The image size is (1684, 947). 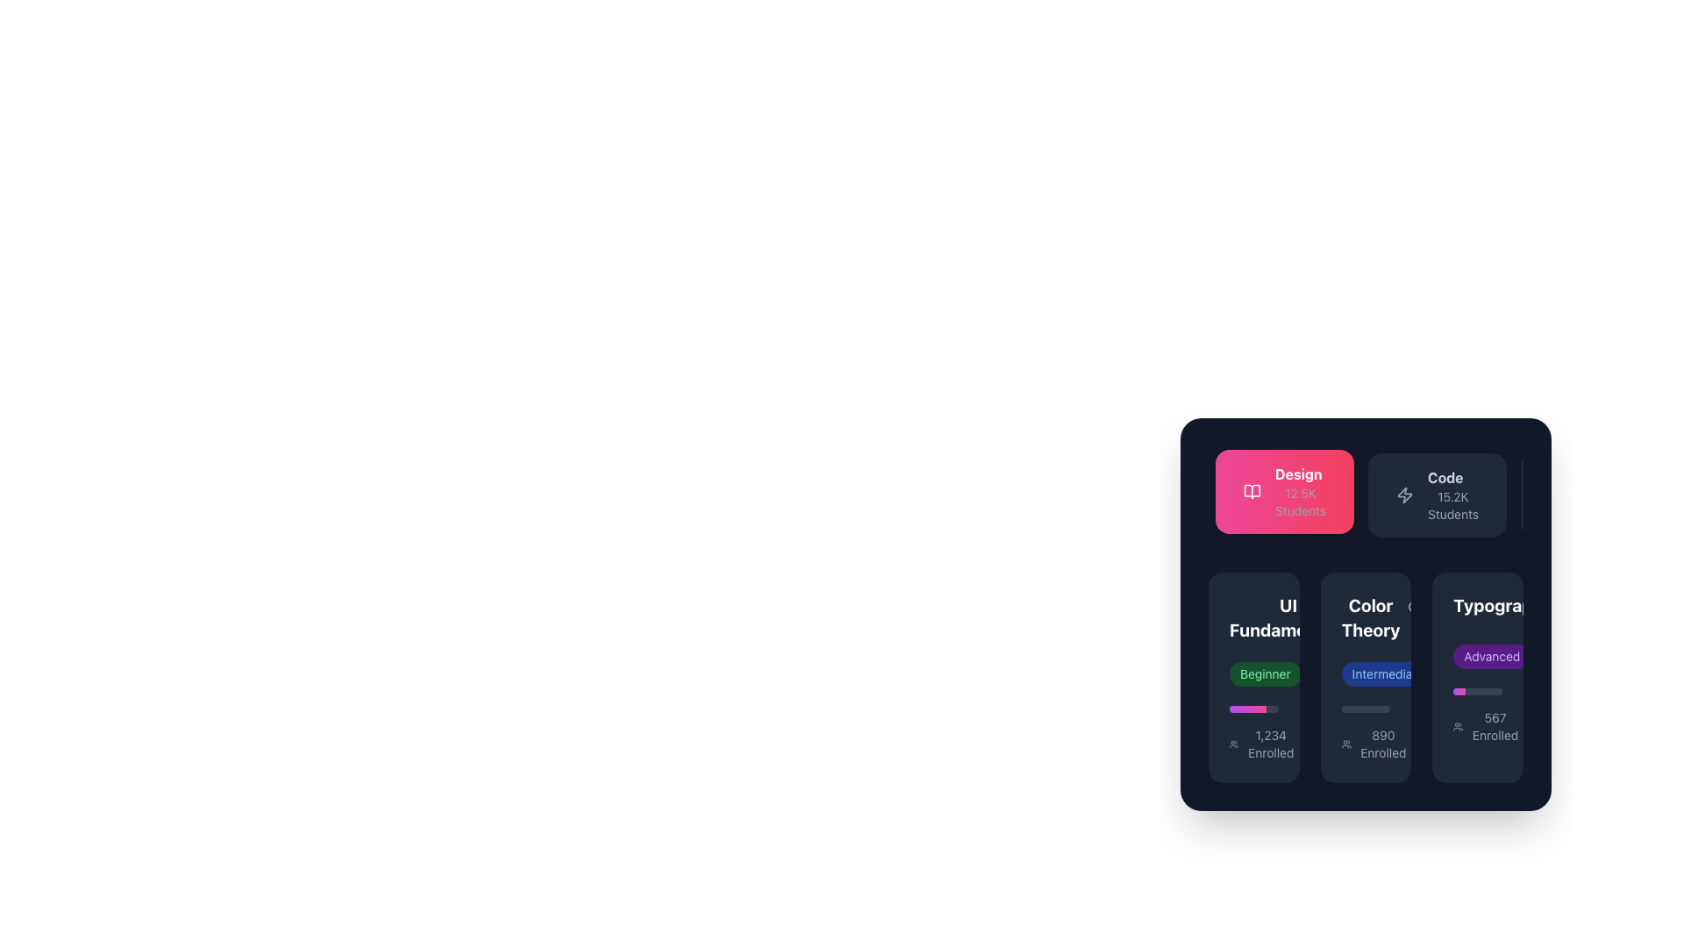 What do you see at coordinates (1362, 608) in the screenshot?
I see `the heart-shaped icon/button to favorite the 'Color Theory' module, which is located near the center of the interface aggregating educational content` at bounding box center [1362, 608].